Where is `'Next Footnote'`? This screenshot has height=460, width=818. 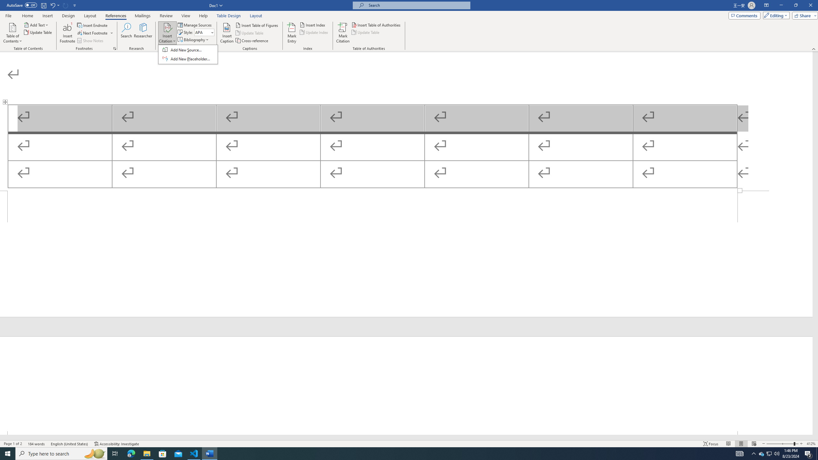 'Next Footnote' is located at coordinates (114, 48).